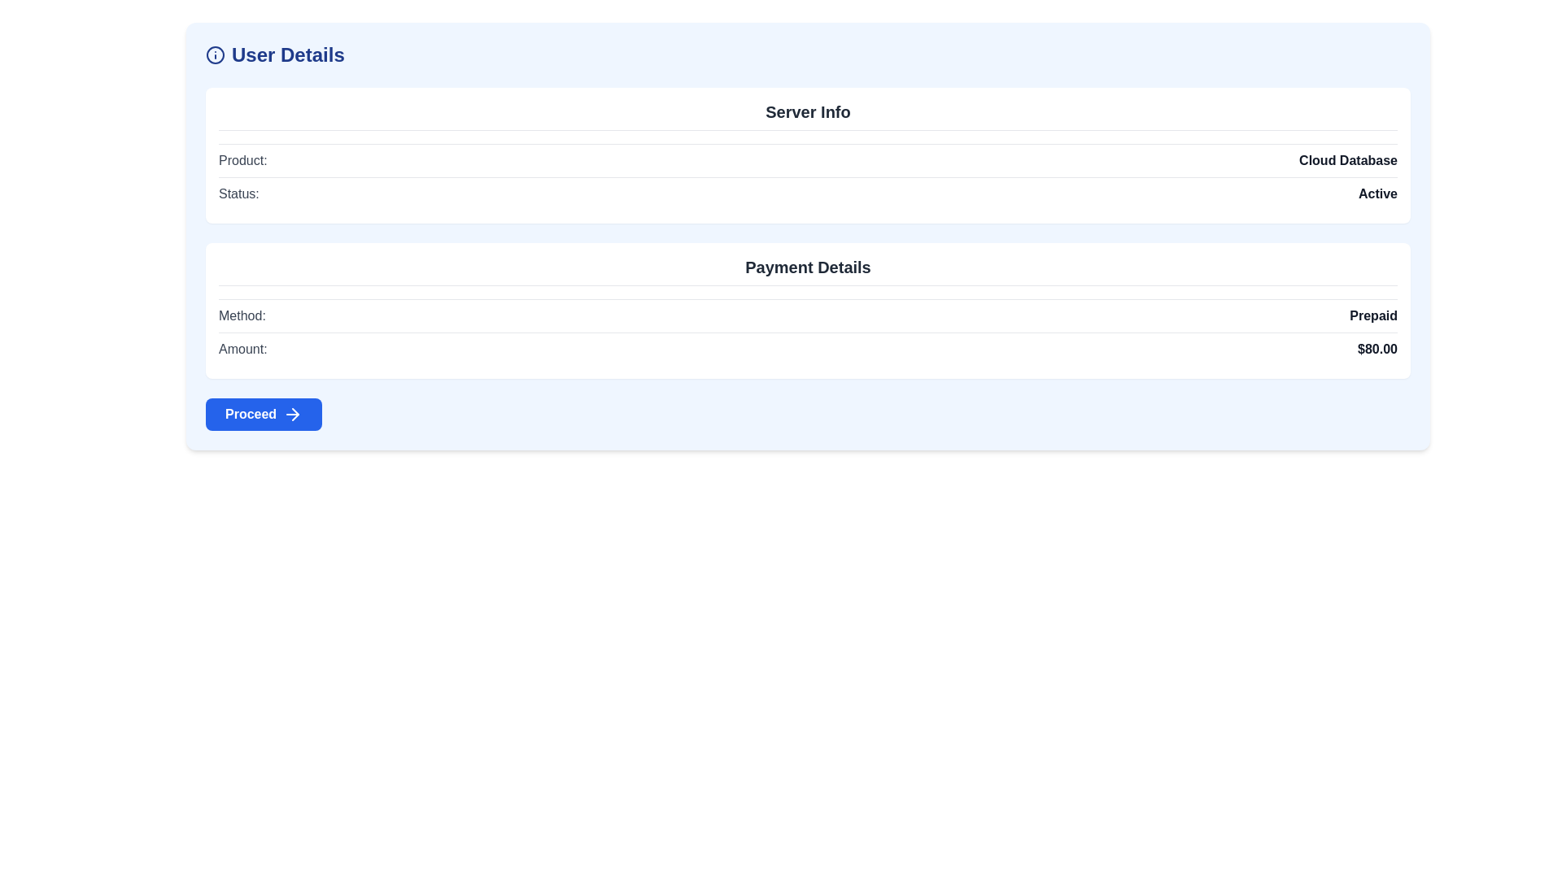 This screenshot has height=878, width=1562. I want to click on the static text element displaying 'Active', which is styled in bold and located to the right of the 'Status:' label, so click(1377, 193).